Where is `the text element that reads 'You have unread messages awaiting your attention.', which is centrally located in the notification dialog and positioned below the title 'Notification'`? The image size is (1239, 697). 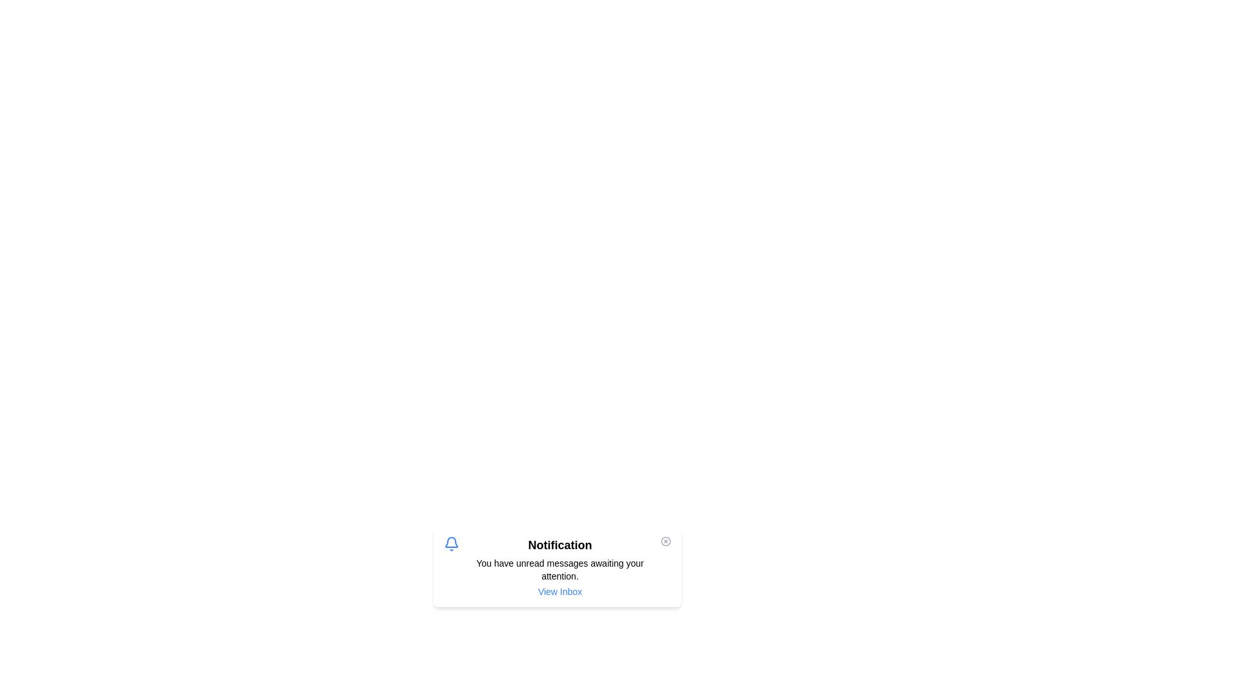
the text element that reads 'You have unread messages awaiting your attention.', which is centrally located in the notification dialog and positioned below the title 'Notification' is located at coordinates (560, 569).